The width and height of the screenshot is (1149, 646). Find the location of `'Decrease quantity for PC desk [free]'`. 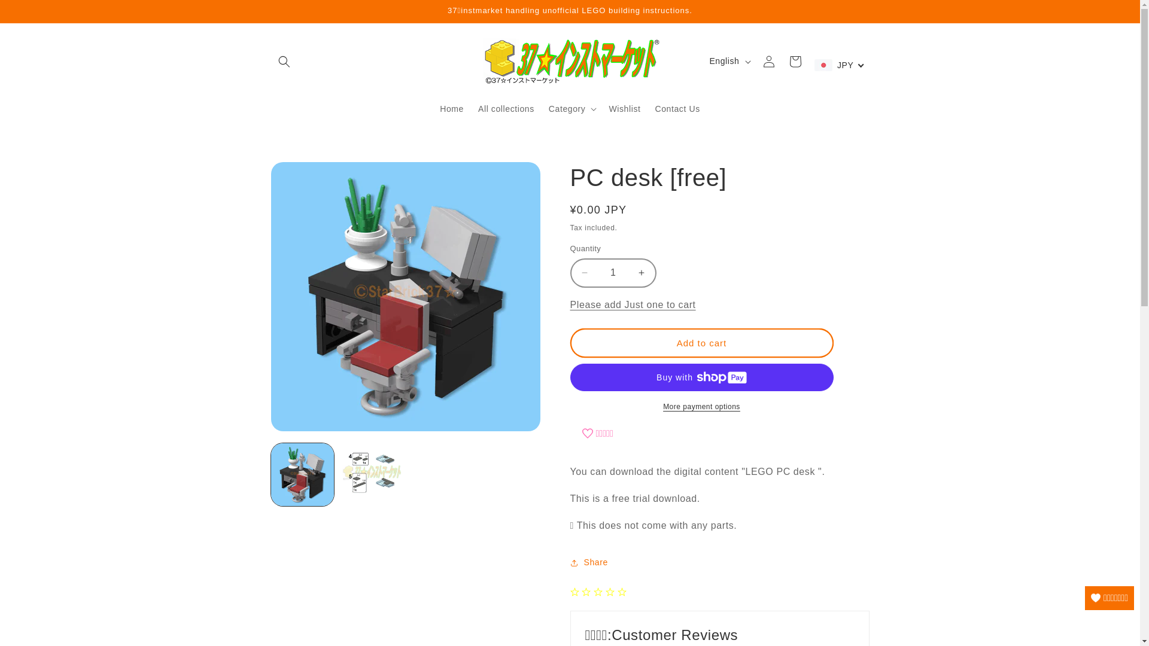

'Decrease quantity for PC desk [free]' is located at coordinates (584, 273).